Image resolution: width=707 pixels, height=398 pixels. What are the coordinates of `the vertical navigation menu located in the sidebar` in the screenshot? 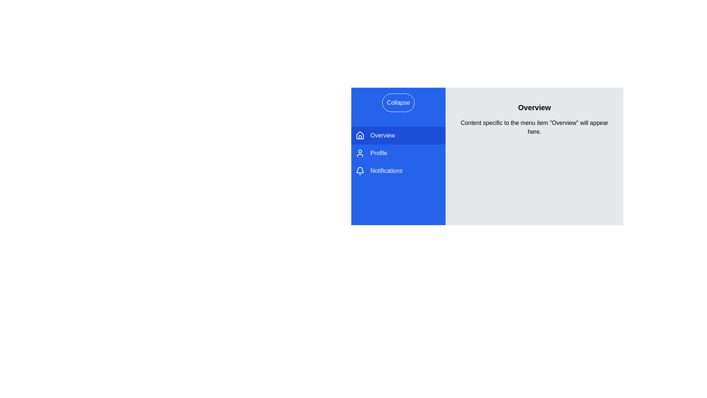 It's located at (398, 153).